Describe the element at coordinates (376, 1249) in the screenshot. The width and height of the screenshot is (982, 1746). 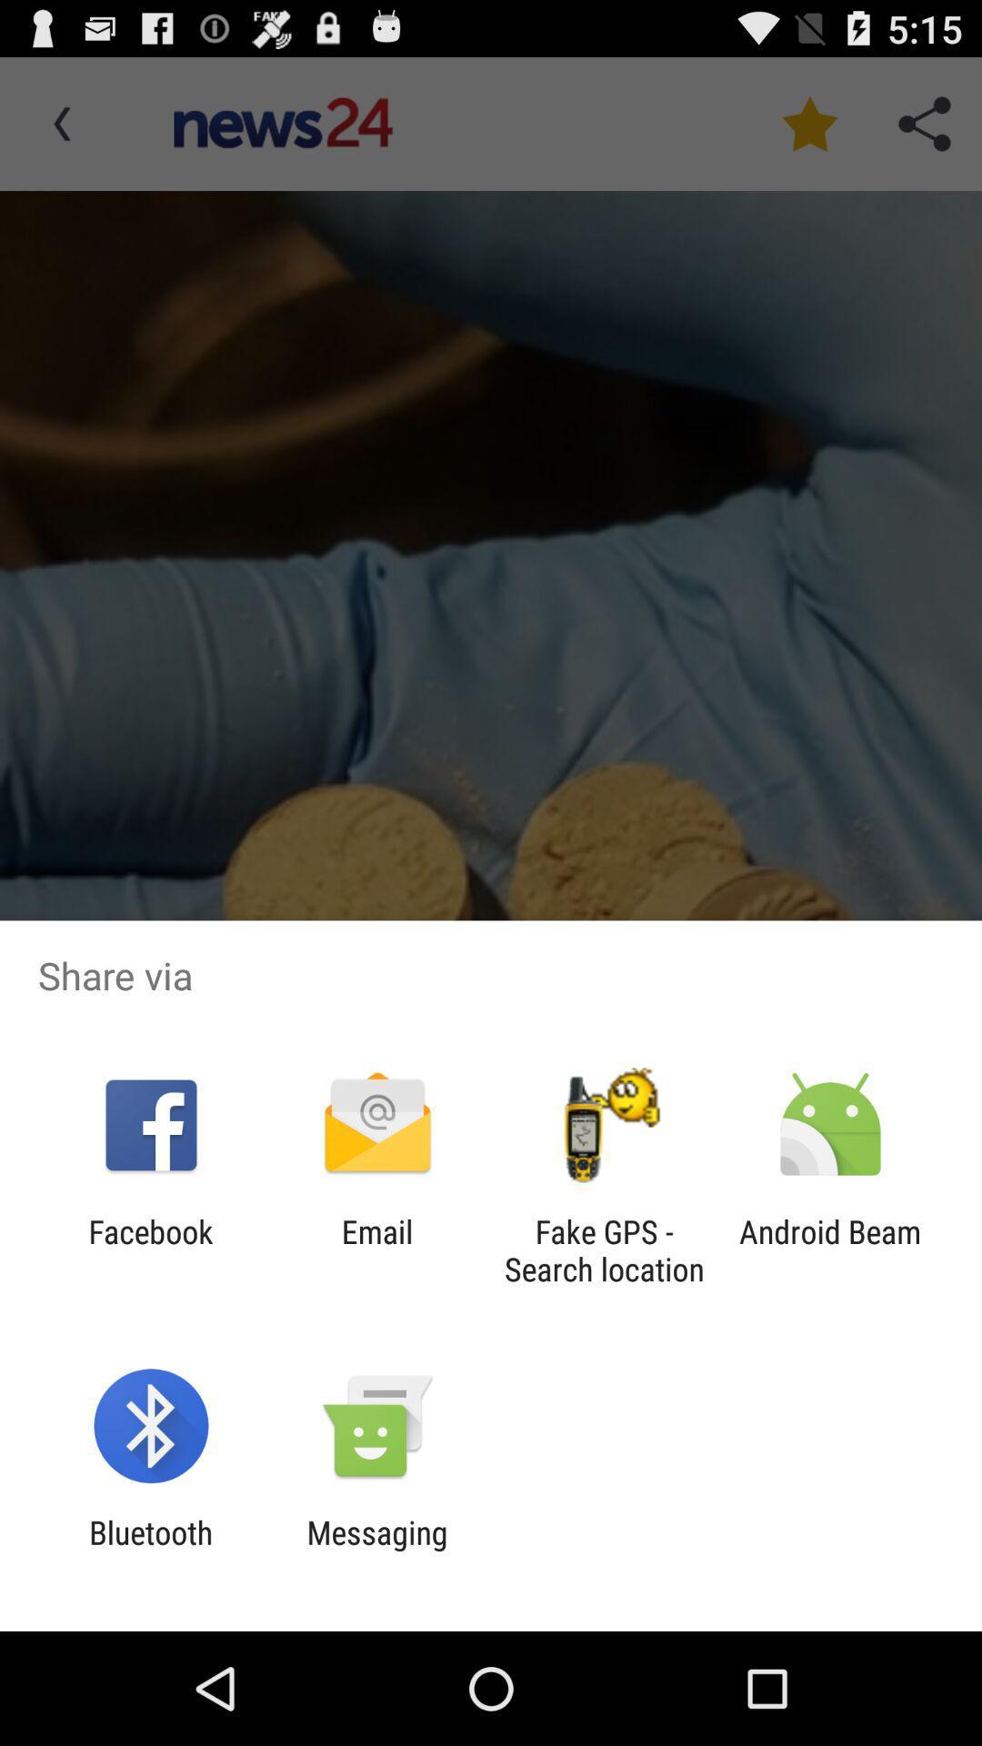
I see `item next to the fake gps search icon` at that location.